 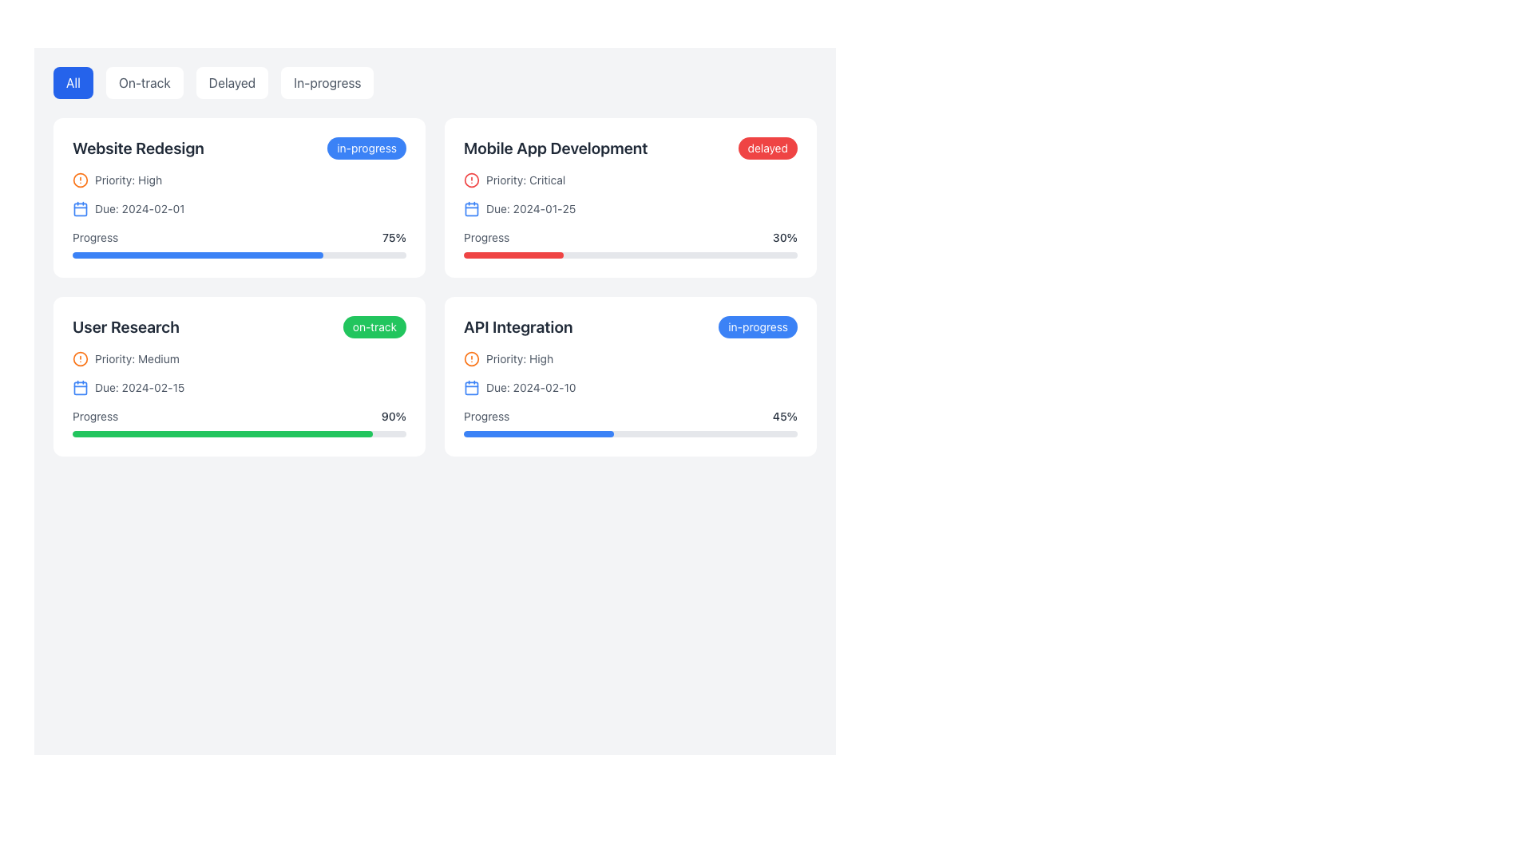 I want to click on percentage value displayed as '90%' in bold styling next to the green progress bar within the 'User Research' card, so click(x=394, y=415).